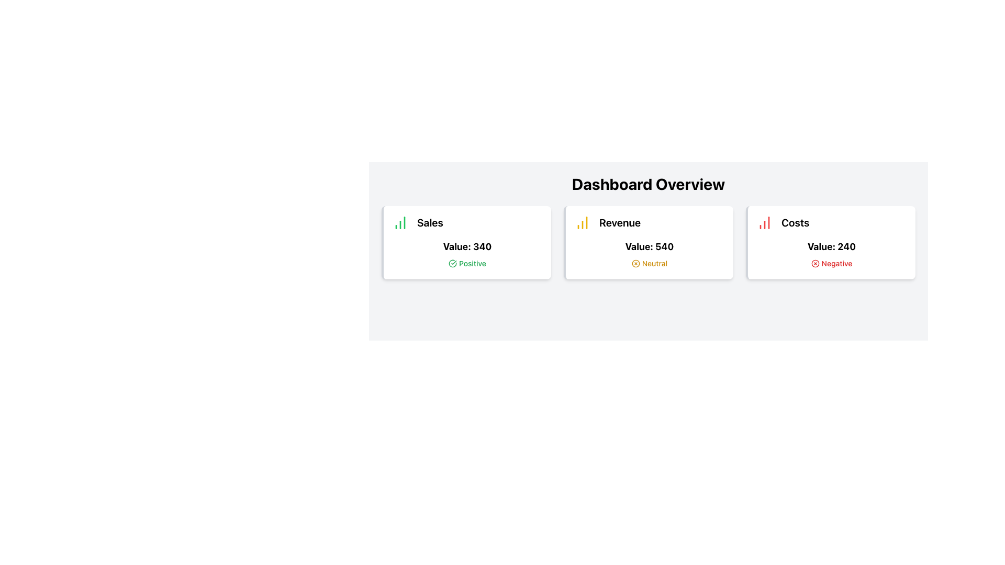 Image resolution: width=1005 pixels, height=565 pixels. What do you see at coordinates (814, 263) in the screenshot?
I see `the SVG circle element that serves as a visual indicator within the 'Costs' card, located at the top-right corner` at bounding box center [814, 263].